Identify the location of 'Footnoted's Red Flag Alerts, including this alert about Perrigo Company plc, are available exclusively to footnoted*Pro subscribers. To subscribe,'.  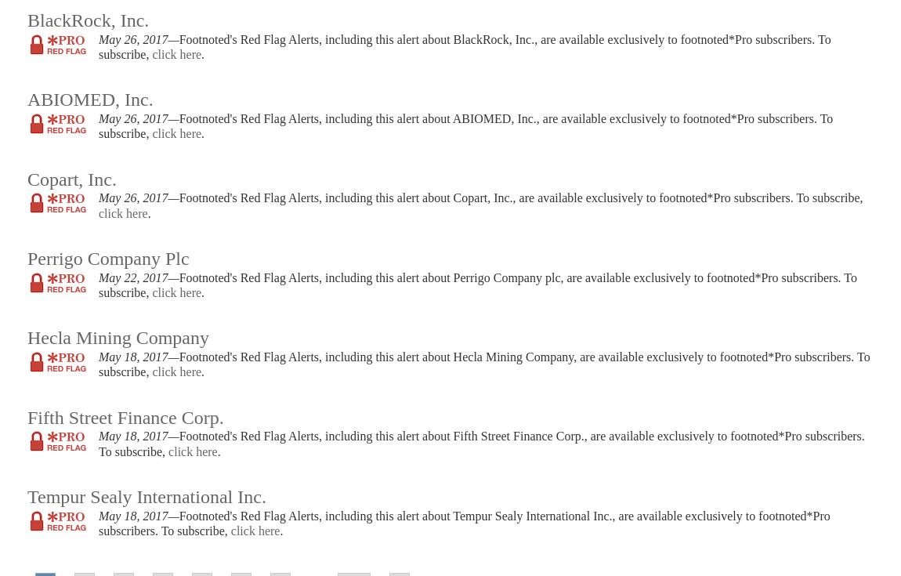
(476, 284).